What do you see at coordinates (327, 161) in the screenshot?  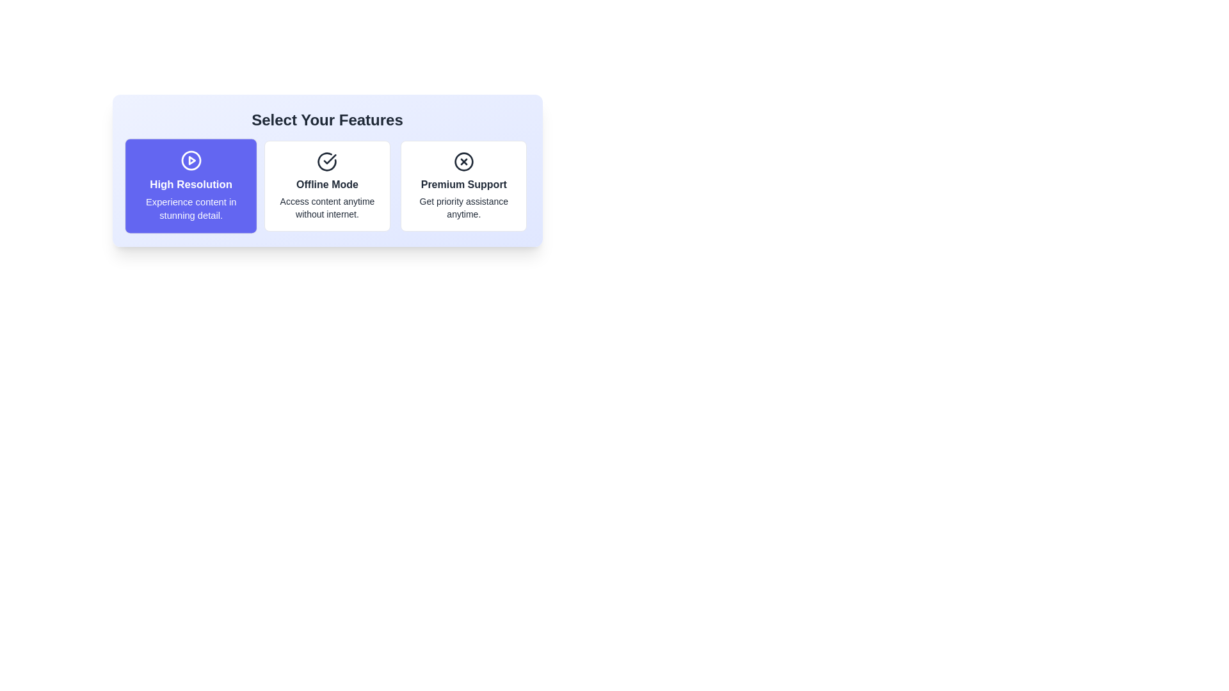 I see `the circular icon with a checkmark inside, styled in a minimalist manner with a dark stroke, located at the top-center of the 'Offline Mode' card for visual feedback` at bounding box center [327, 161].